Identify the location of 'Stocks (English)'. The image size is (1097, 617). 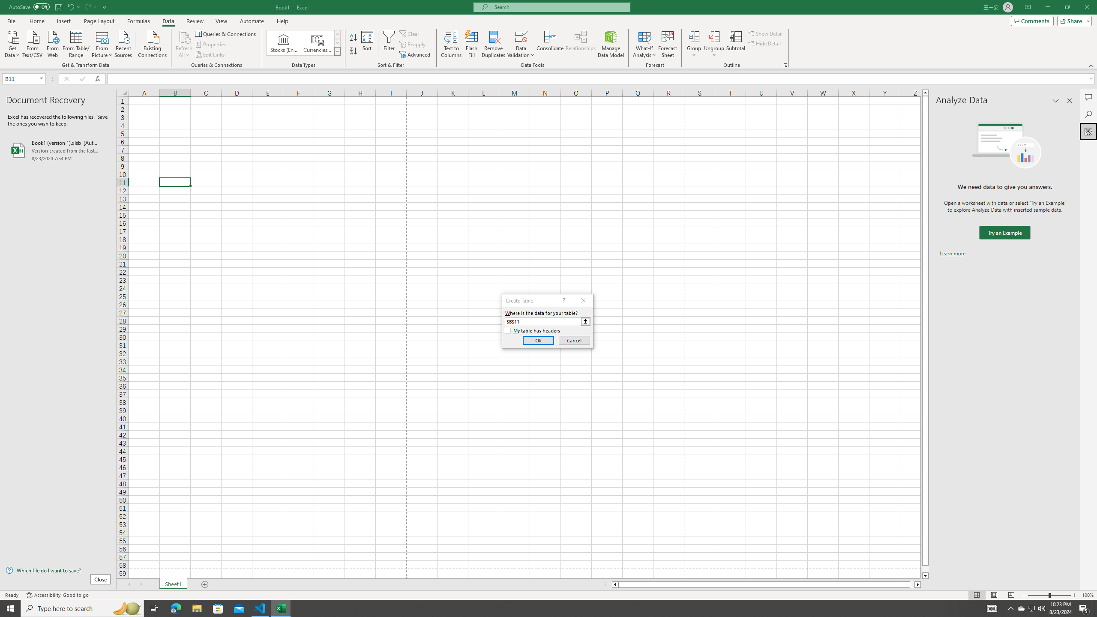
(283, 42).